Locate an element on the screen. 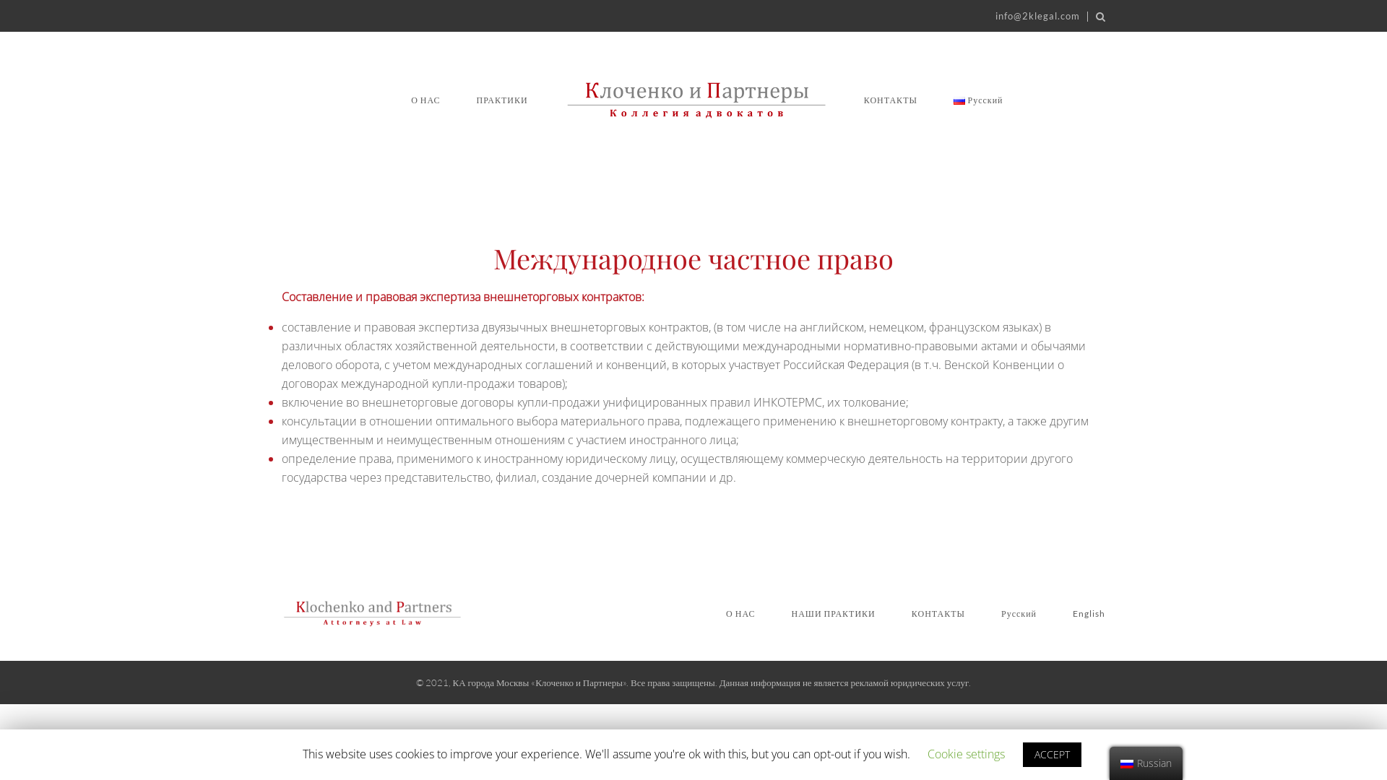 This screenshot has width=1387, height=780. 'ACCEPT' is located at coordinates (1052, 754).